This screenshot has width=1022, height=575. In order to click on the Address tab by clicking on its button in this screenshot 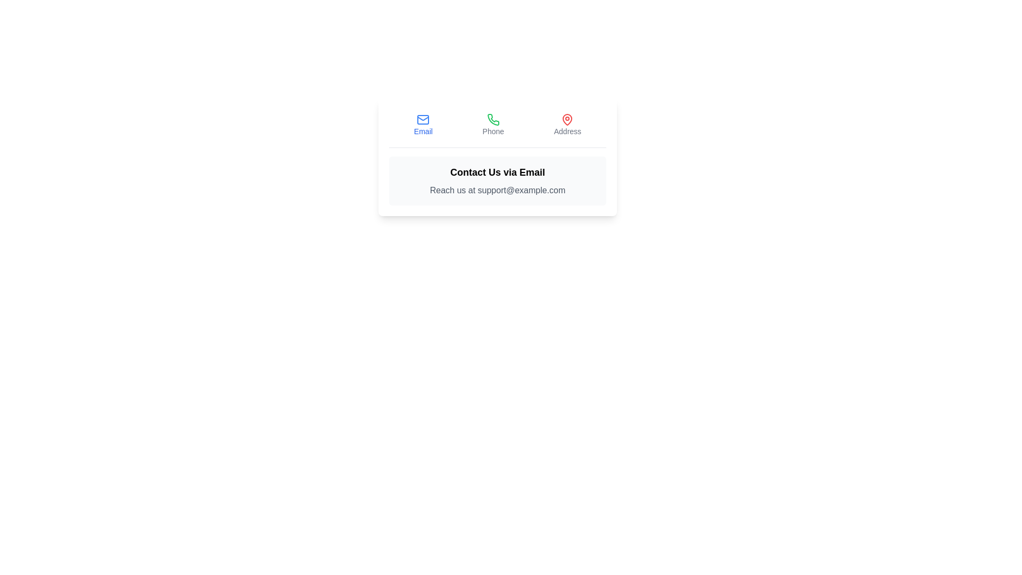, I will do `click(566, 125)`.